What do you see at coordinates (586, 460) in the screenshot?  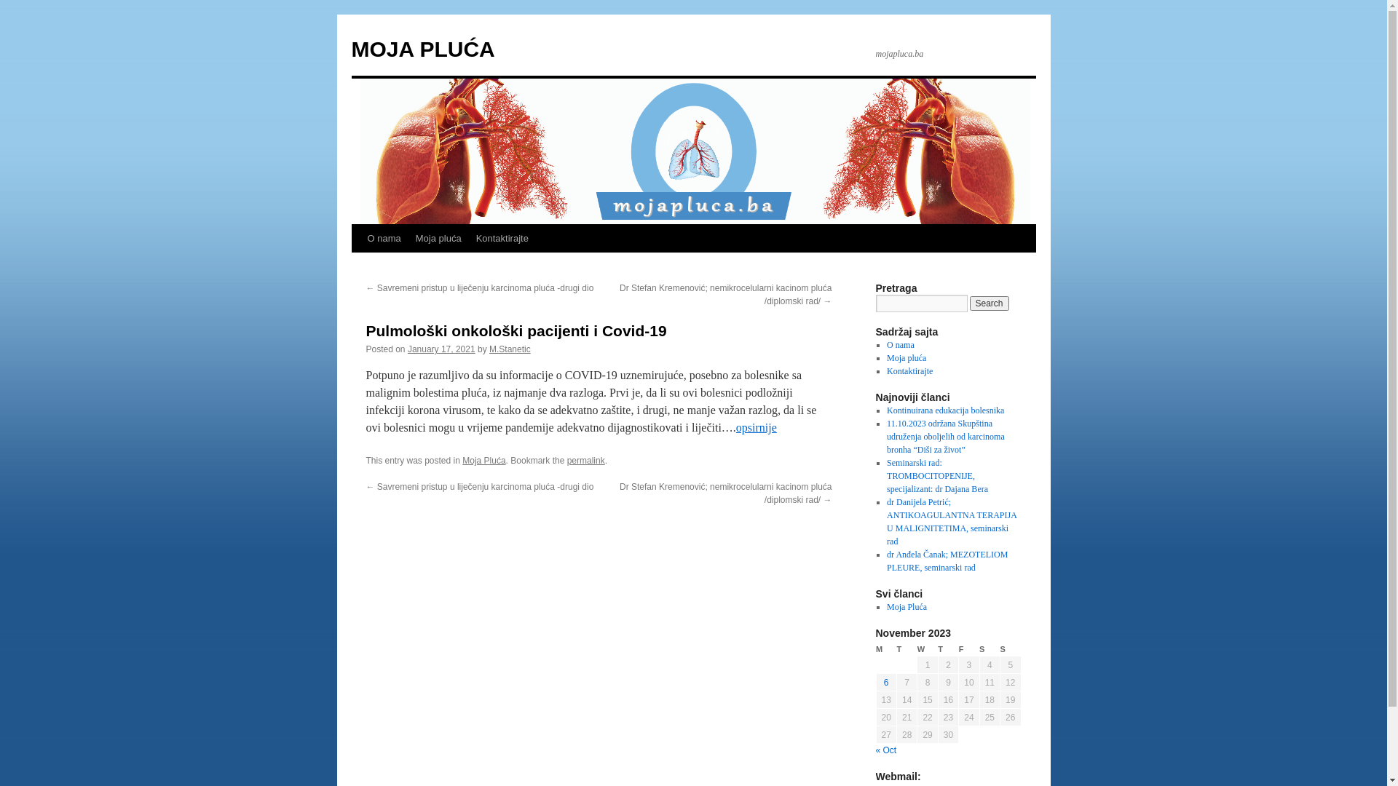 I see `'permalink'` at bounding box center [586, 460].